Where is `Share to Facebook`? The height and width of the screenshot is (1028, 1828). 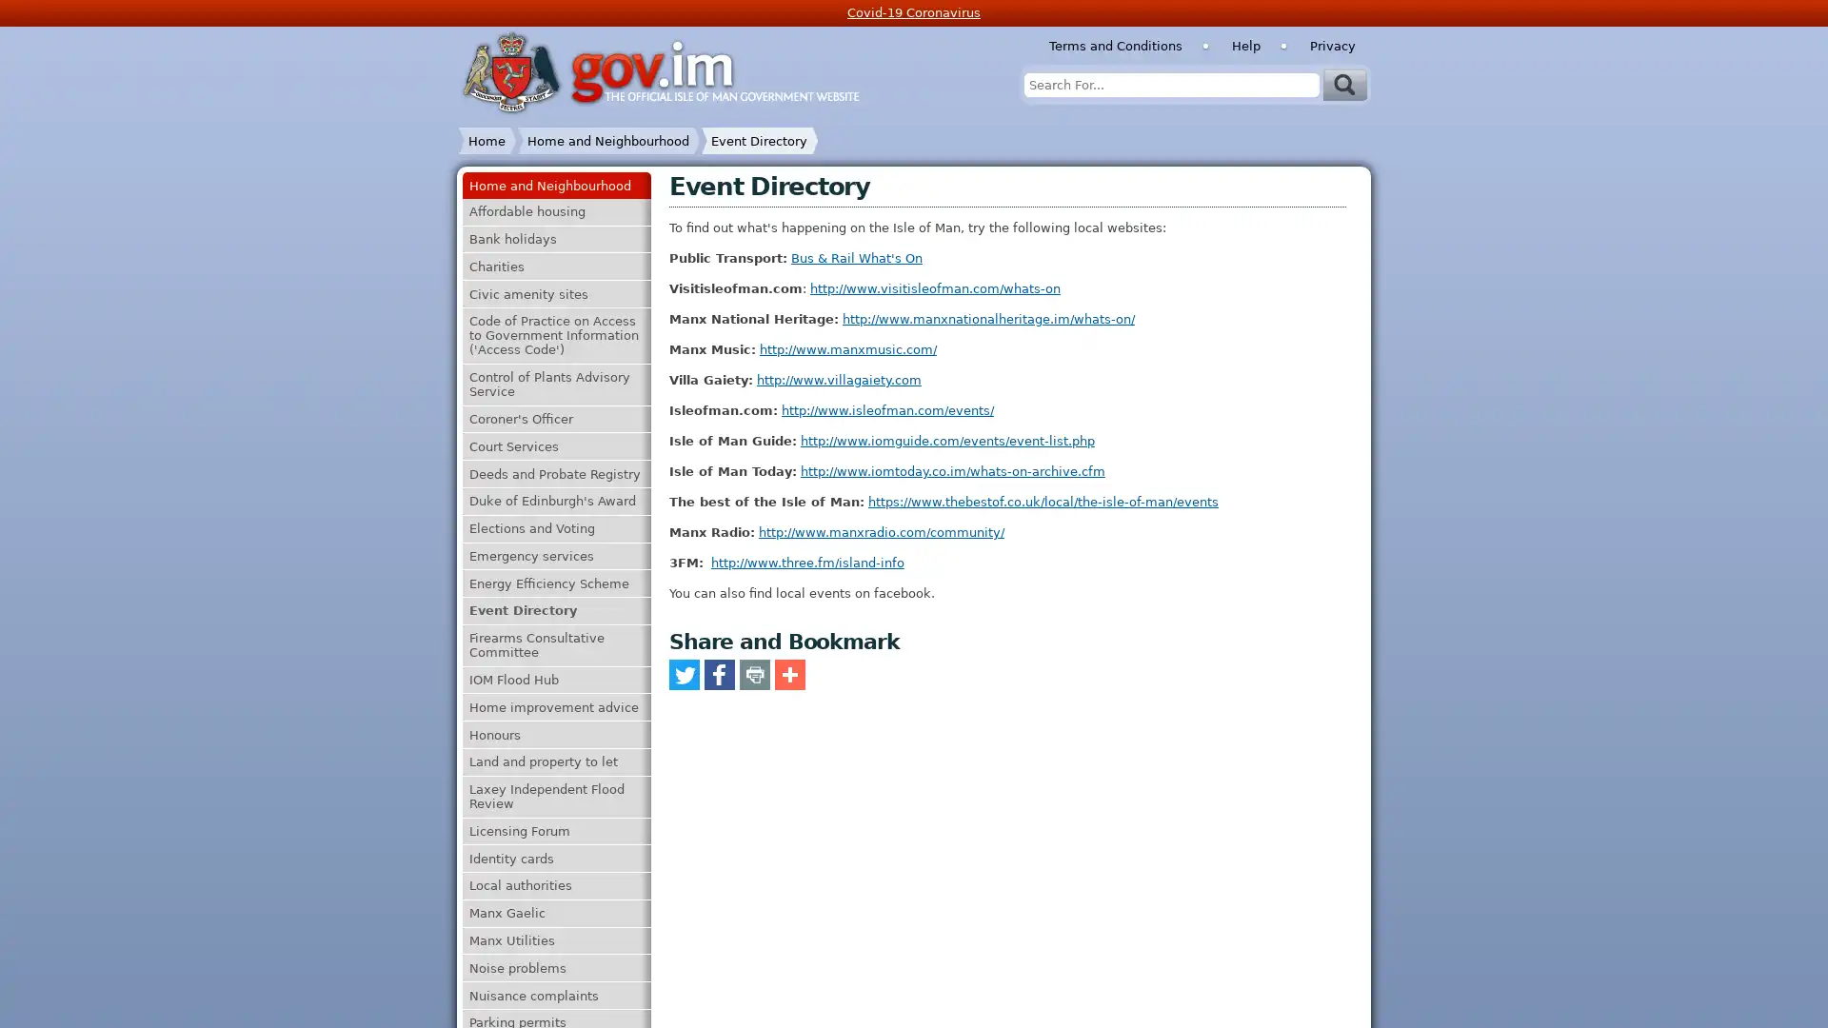
Share to Facebook is located at coordinates (717, 673).